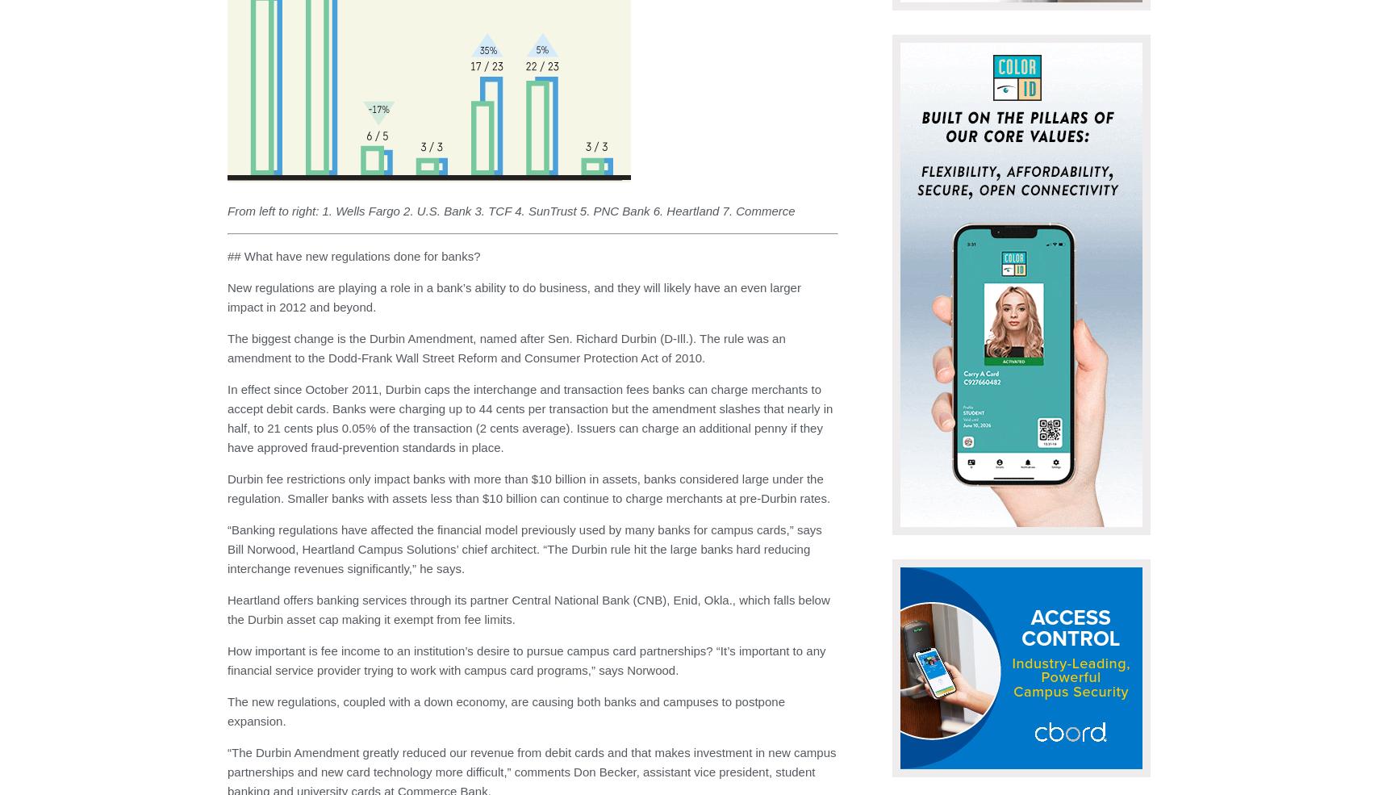 The image size is (1391, 795). I want to click on 'In effect since October 2011, Durbin caps the interchange and transaction fees banks can charge merchants to accept debit cards. Banks were charging up to 44 cents per transaction but the amendment slashes that nearly in half, to 21 cents plus 0.05% of the transaction (2 cents average). Issuers can charge an additional penny if they have approved fraud-prevention standards in place.', so click(529, 418).